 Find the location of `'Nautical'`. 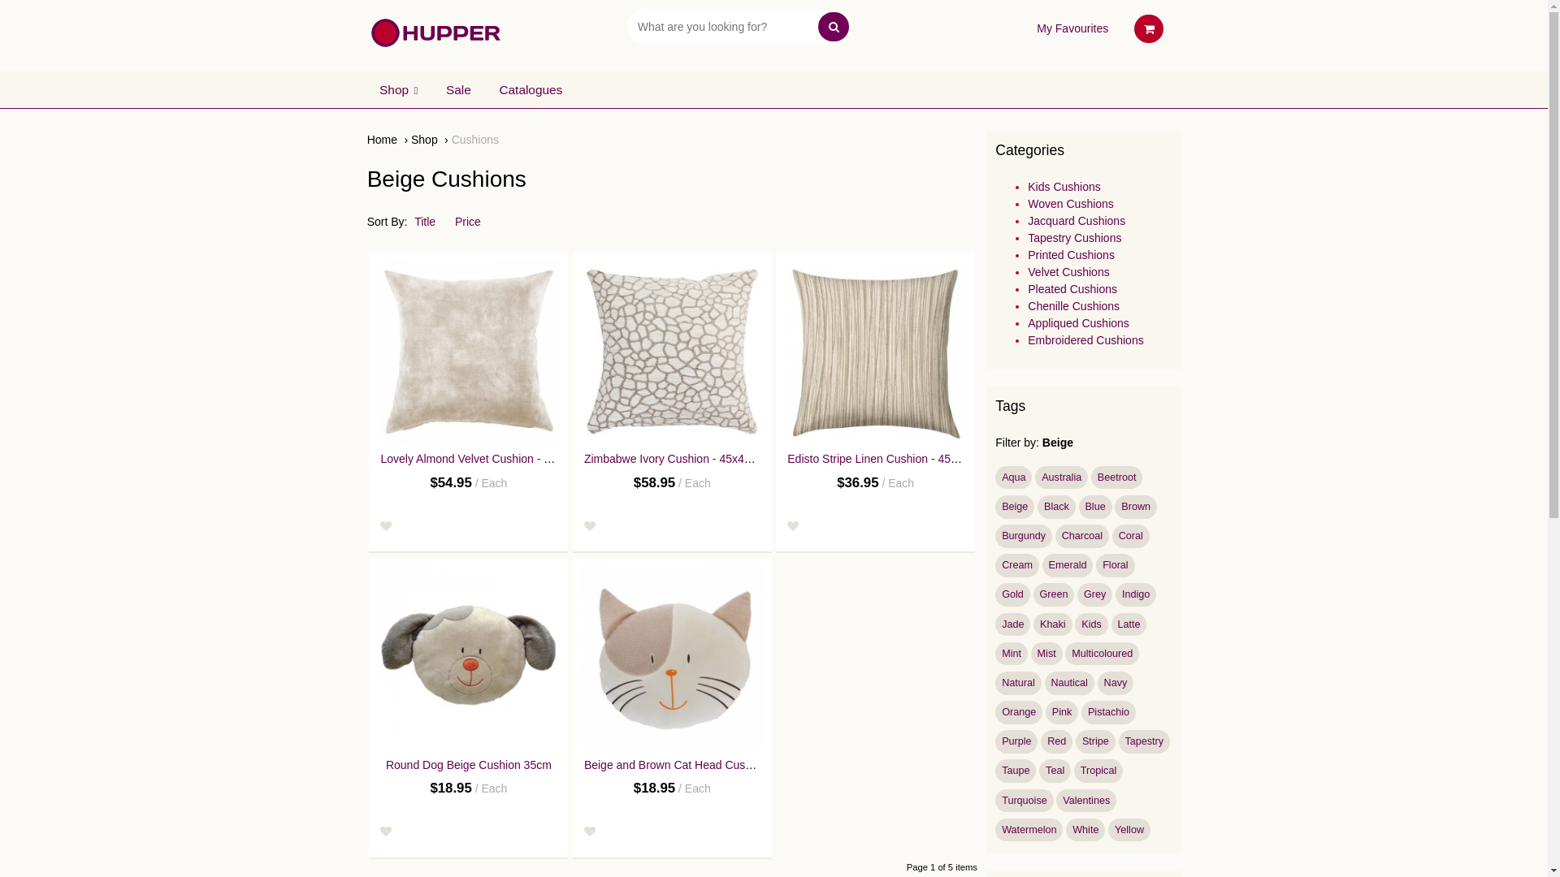

'Nautical' is located at coordinates (1045, 683).